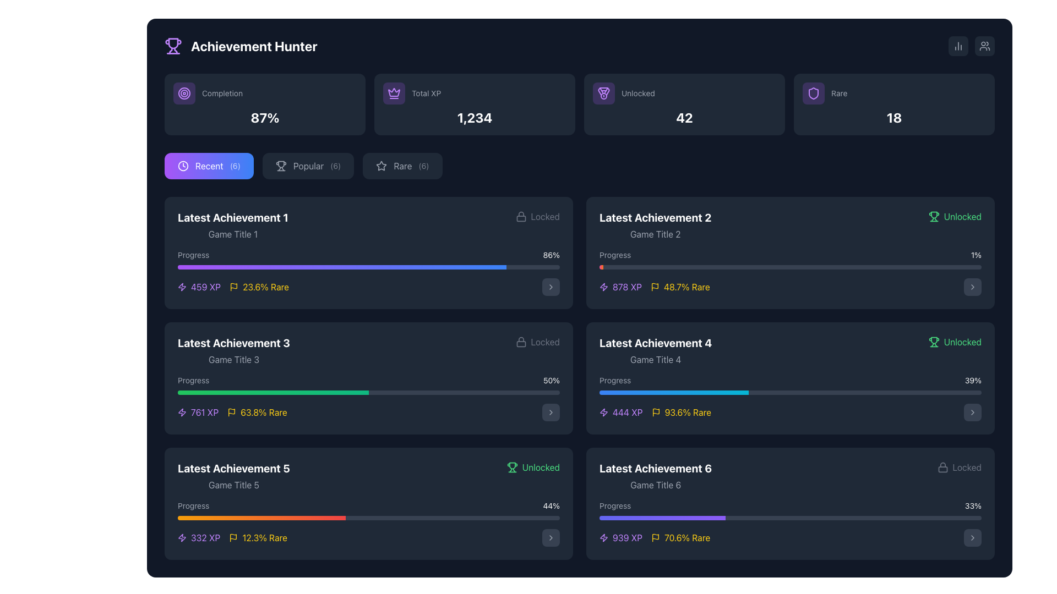 This screenshot has width=1057, height=594. What do you see at coordinates (789, 377) in the screenshot?
I see `the achievement card displaying details about a specific achievement, located in the second column and third row of the grid layout` at bounding box center [789, 377].